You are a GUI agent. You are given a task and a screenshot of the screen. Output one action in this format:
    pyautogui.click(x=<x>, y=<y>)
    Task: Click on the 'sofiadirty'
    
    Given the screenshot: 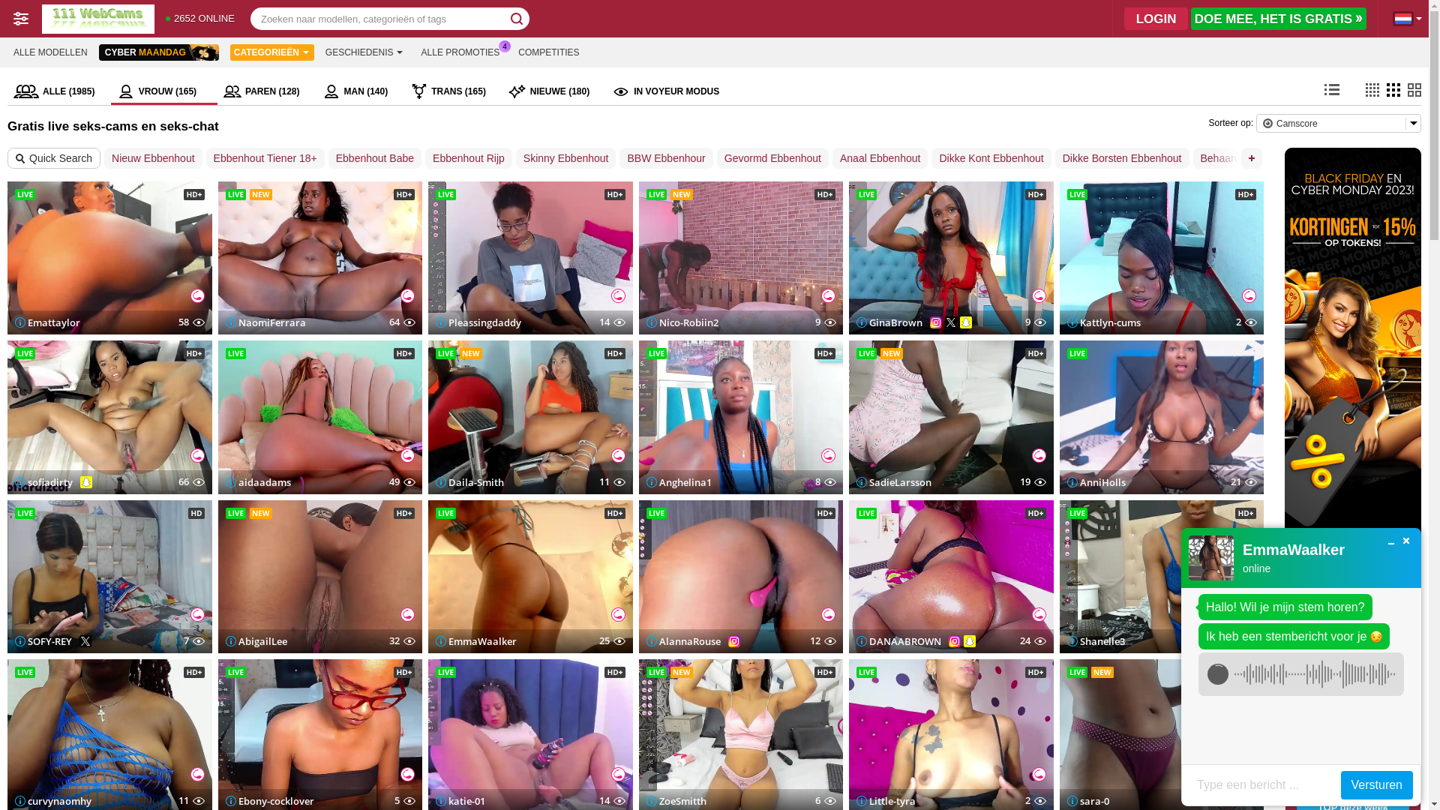 What is the action you would take?
    pyautogui.click(x=43, y=482)
    